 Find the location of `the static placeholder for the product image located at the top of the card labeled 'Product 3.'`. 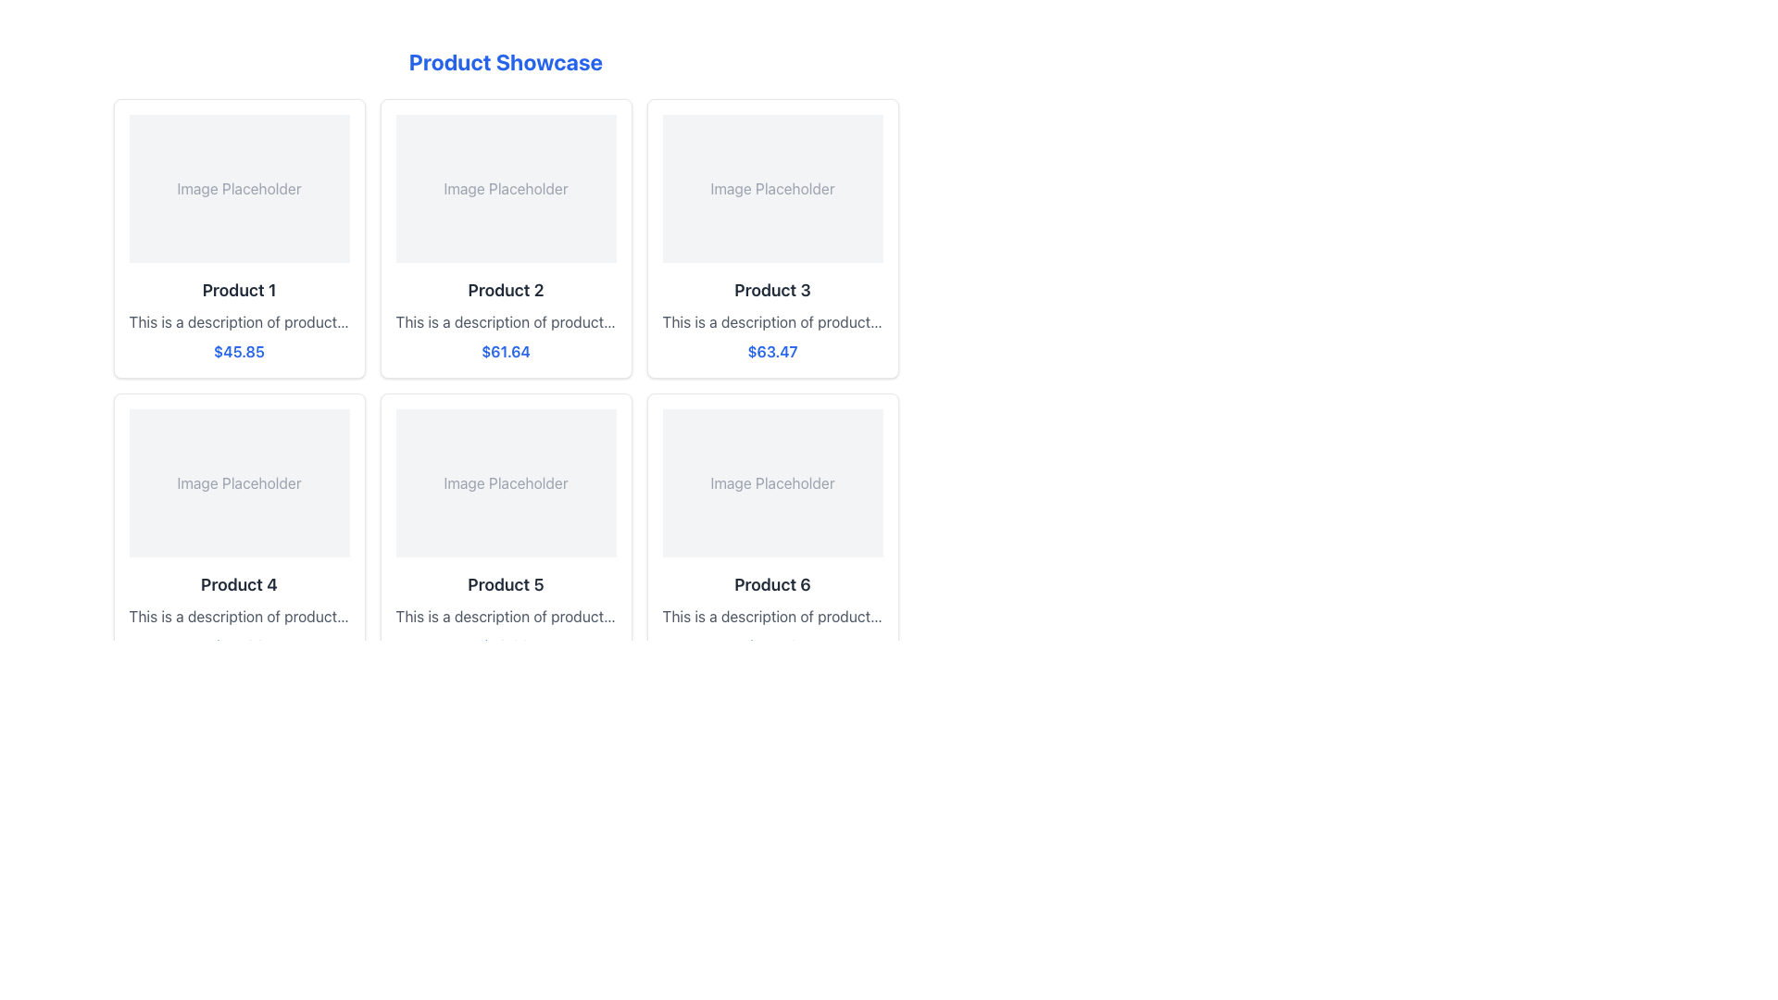

the static placeholder for the product image located at the top of the card labeled 'Product 3.' is located at coordinates (772, 189).